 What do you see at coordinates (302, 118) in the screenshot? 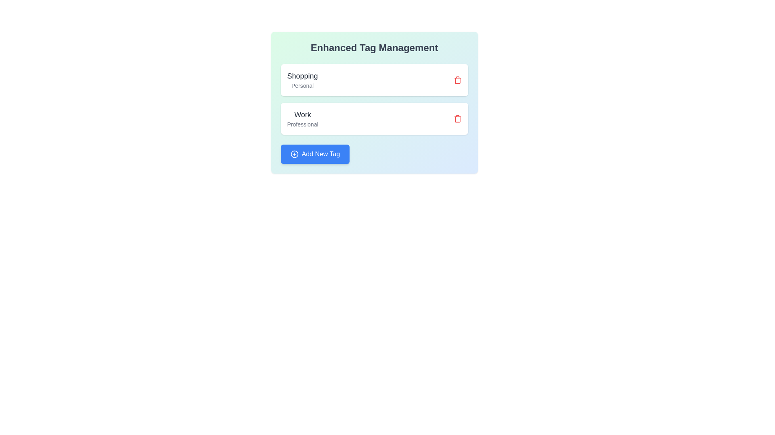
I see `the 'Work' text label which is part of a tagging system, located between 'Shopping Personal' and 'Add New Tag'` at bounding box center [302, 118].